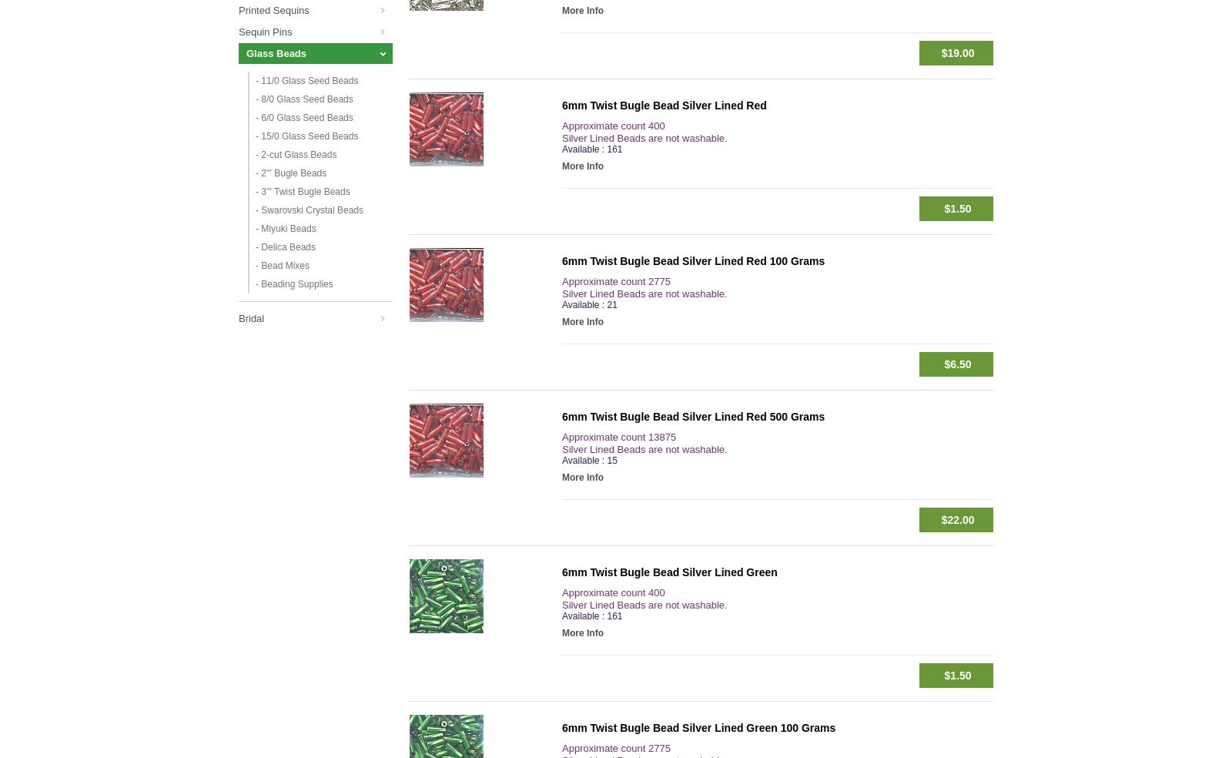 This screenshot has height=758, width=1232. What do you see at coordinates (276, 52) in the screenshot?
I see `'Glass Beads'` at bounding box center [276, 52].